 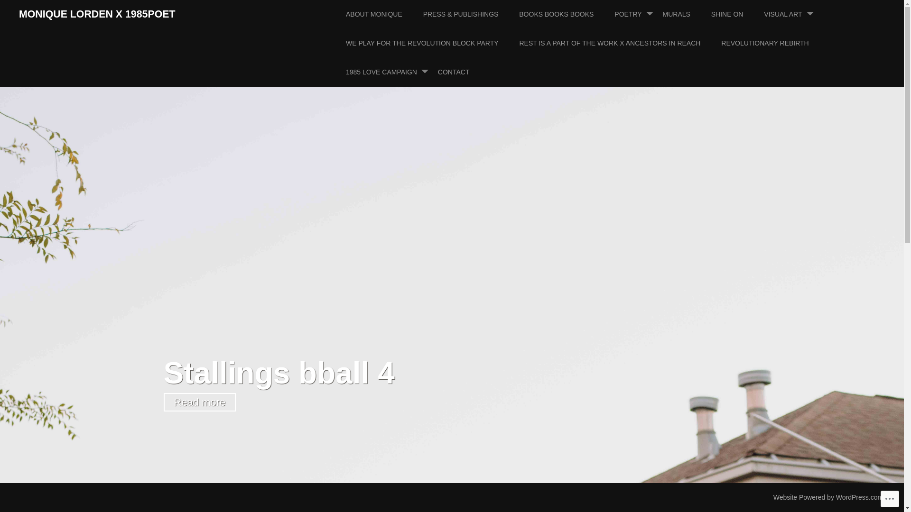 What do you see at coordinates (391, 72) in the screenshot?
I see `'1985 LOVE CAMPAIGN'` at bounding box center [391, 72].